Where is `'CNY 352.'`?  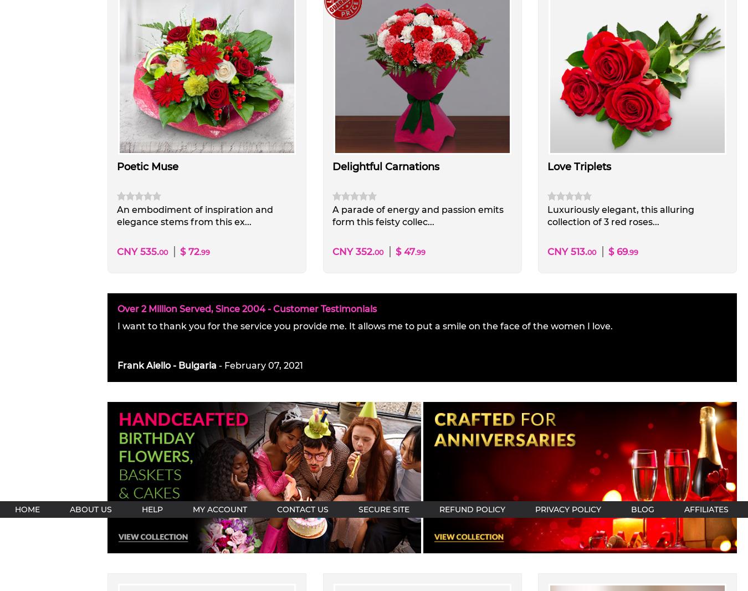
'CNY 352.' is located at coordinates (353, 251).